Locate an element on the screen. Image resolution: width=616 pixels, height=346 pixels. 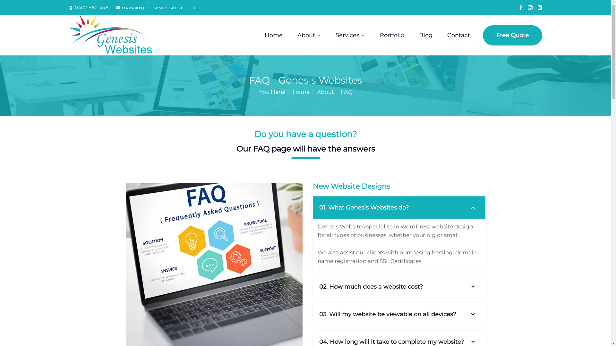
'03. Will my website be viewable on all devices?' is located at coordinates (398, 314).